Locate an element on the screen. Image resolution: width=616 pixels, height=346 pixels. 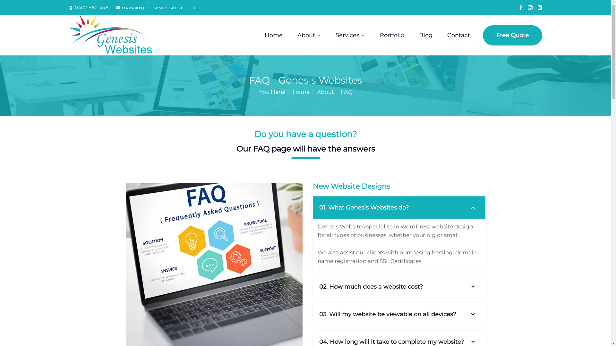
'03. Will my website be viewable on all devices?' is located at coordinates (398, 314).